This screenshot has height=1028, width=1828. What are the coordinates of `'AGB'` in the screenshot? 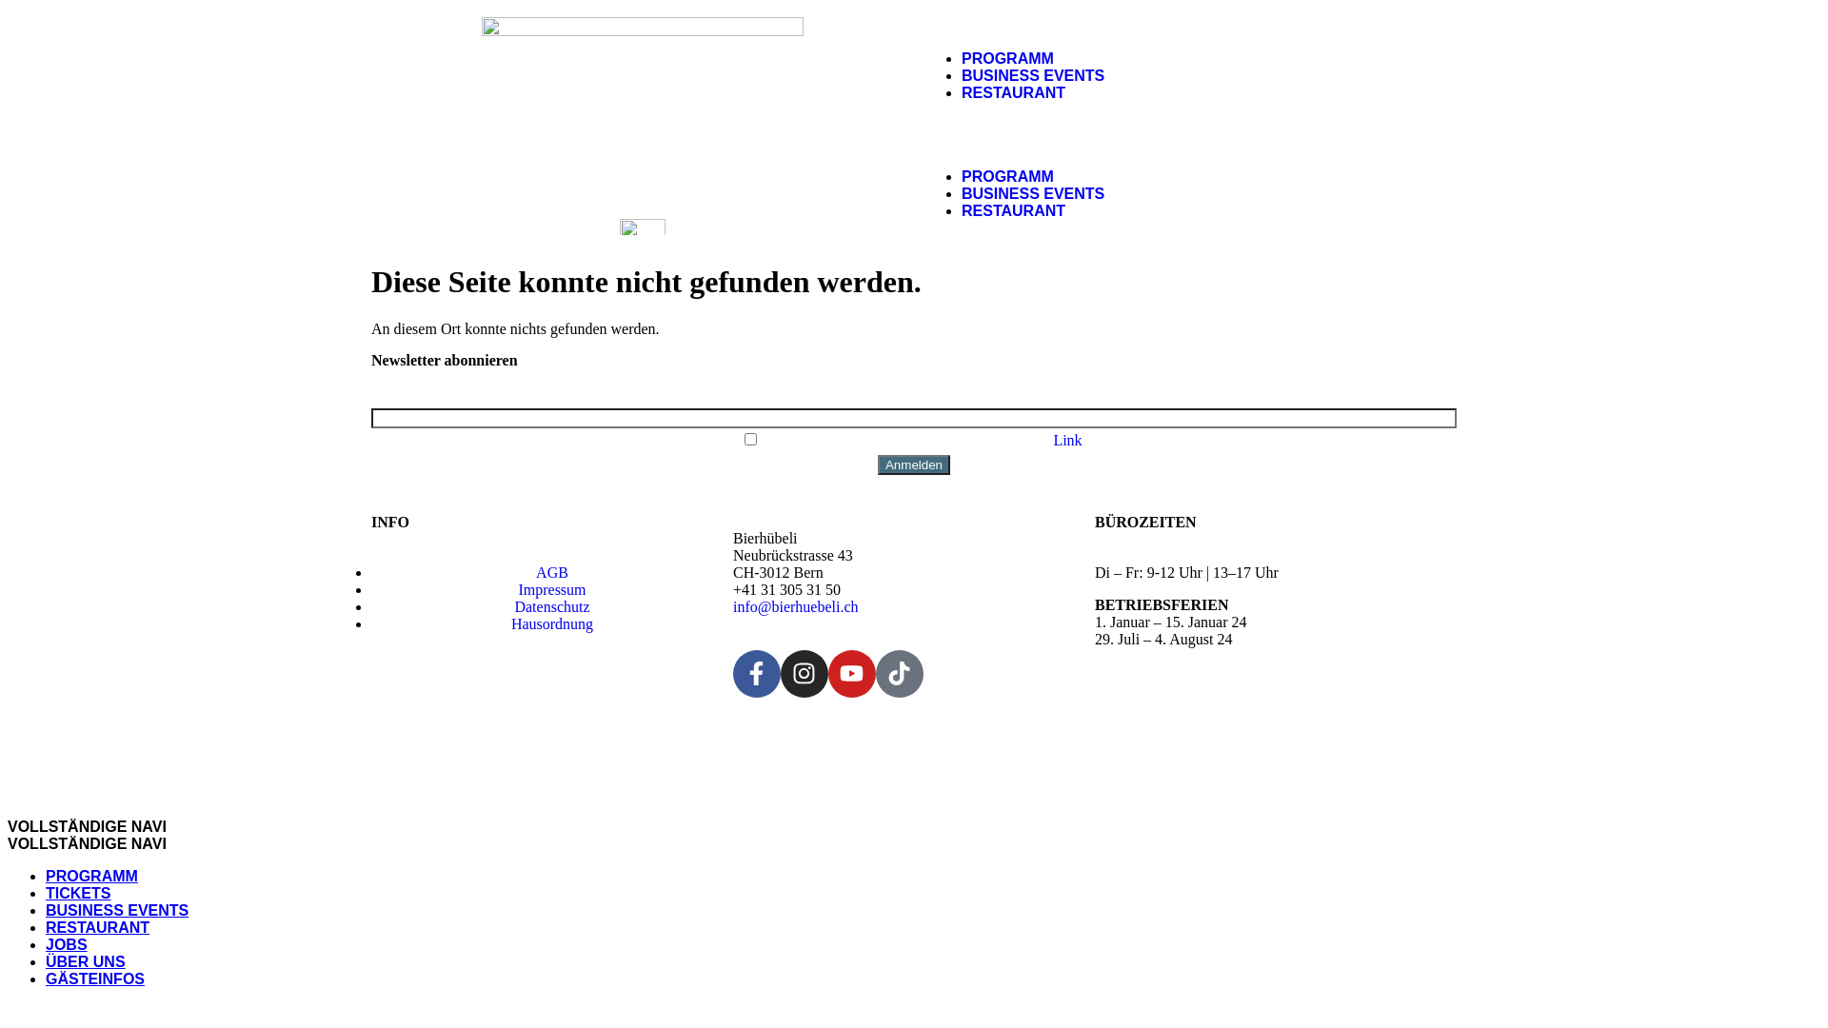 It's located at (551, 571).